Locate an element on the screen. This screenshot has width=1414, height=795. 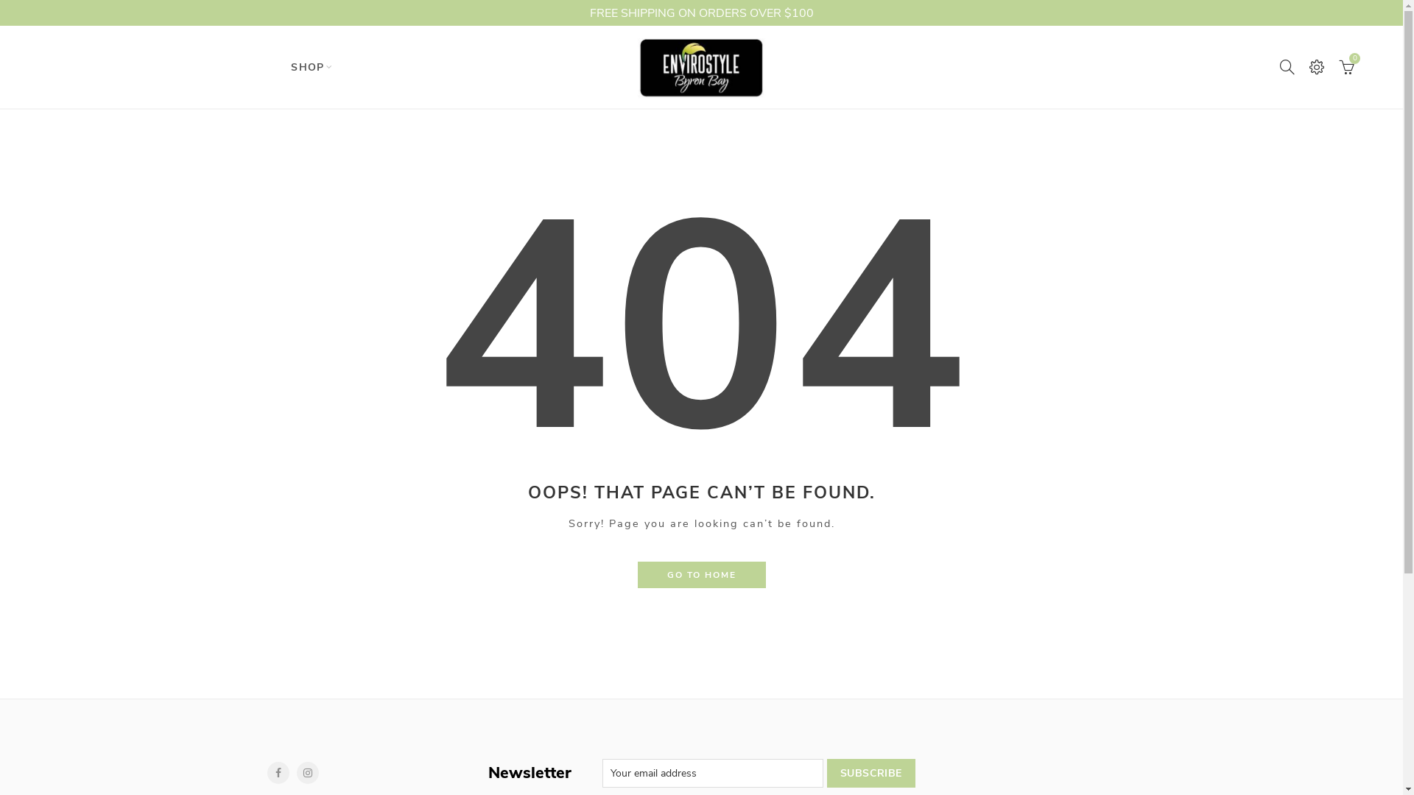
'Facebook' is located at coordinates (266, 771).